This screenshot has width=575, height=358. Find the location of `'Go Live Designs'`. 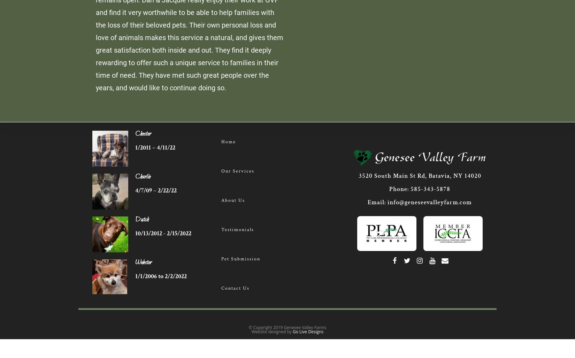

'Go Live Designs' is located at coordinates (308, 332).